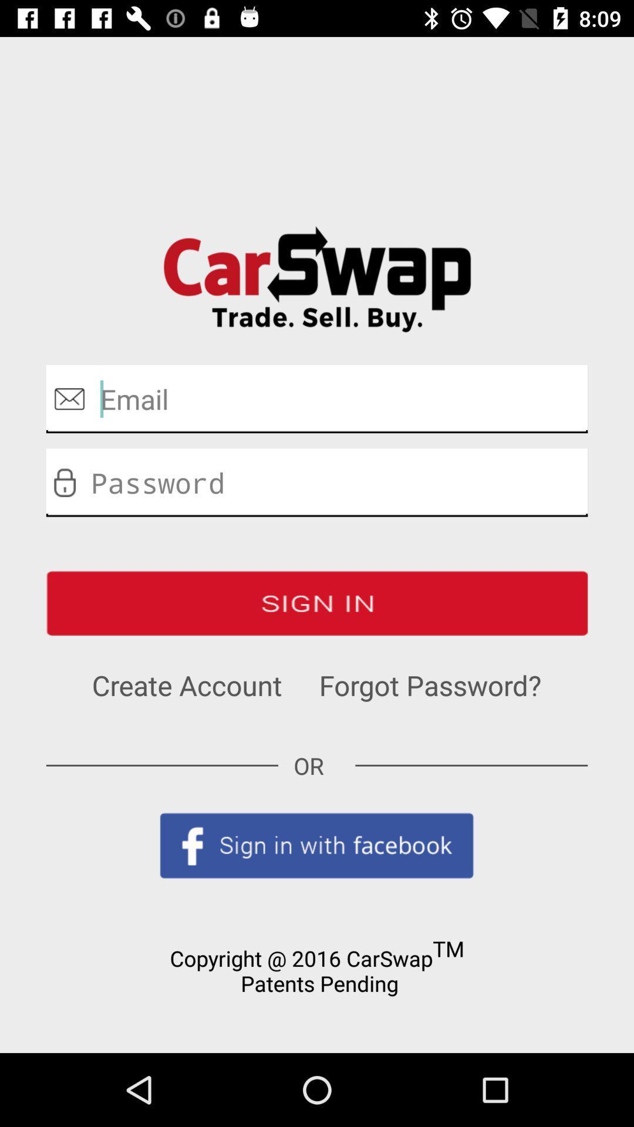  I want to click on sign in to the account in the application car swap, so click(317, 603).